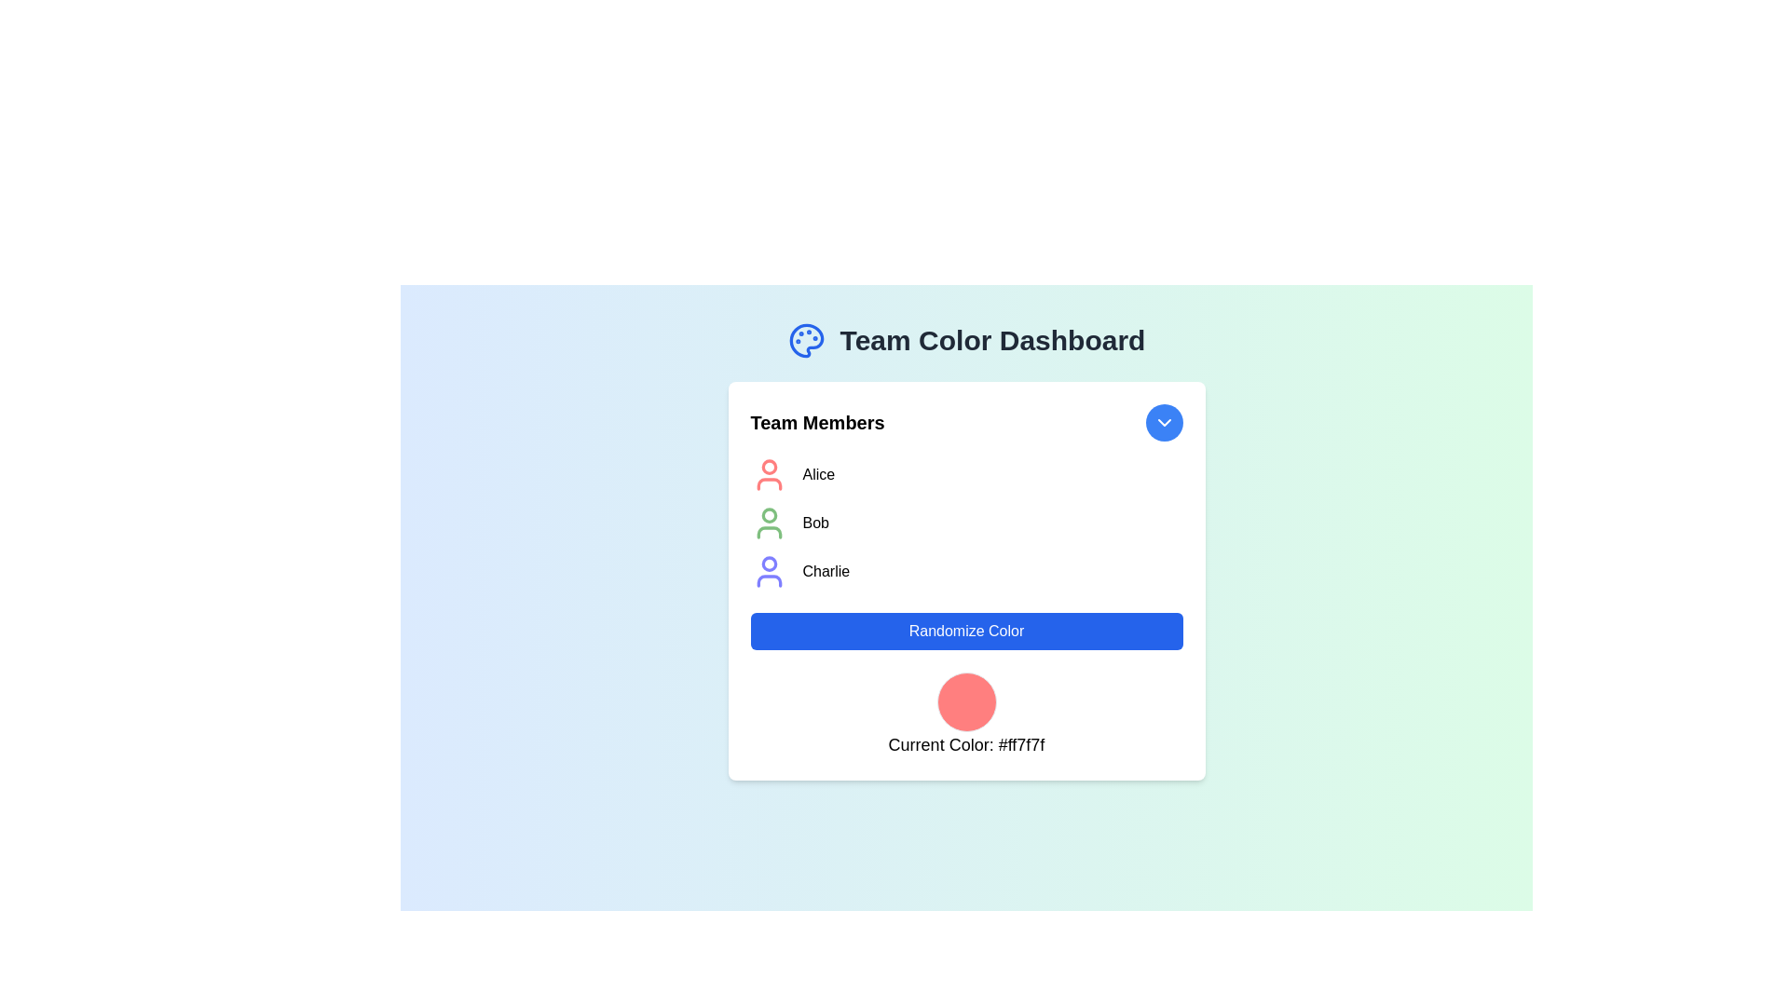  I want to click on text from the Text Label that indicates the current selected color in hexadecimal representation, located directly below the circular color preview in the 'Current Color' section, so click(966, 743).